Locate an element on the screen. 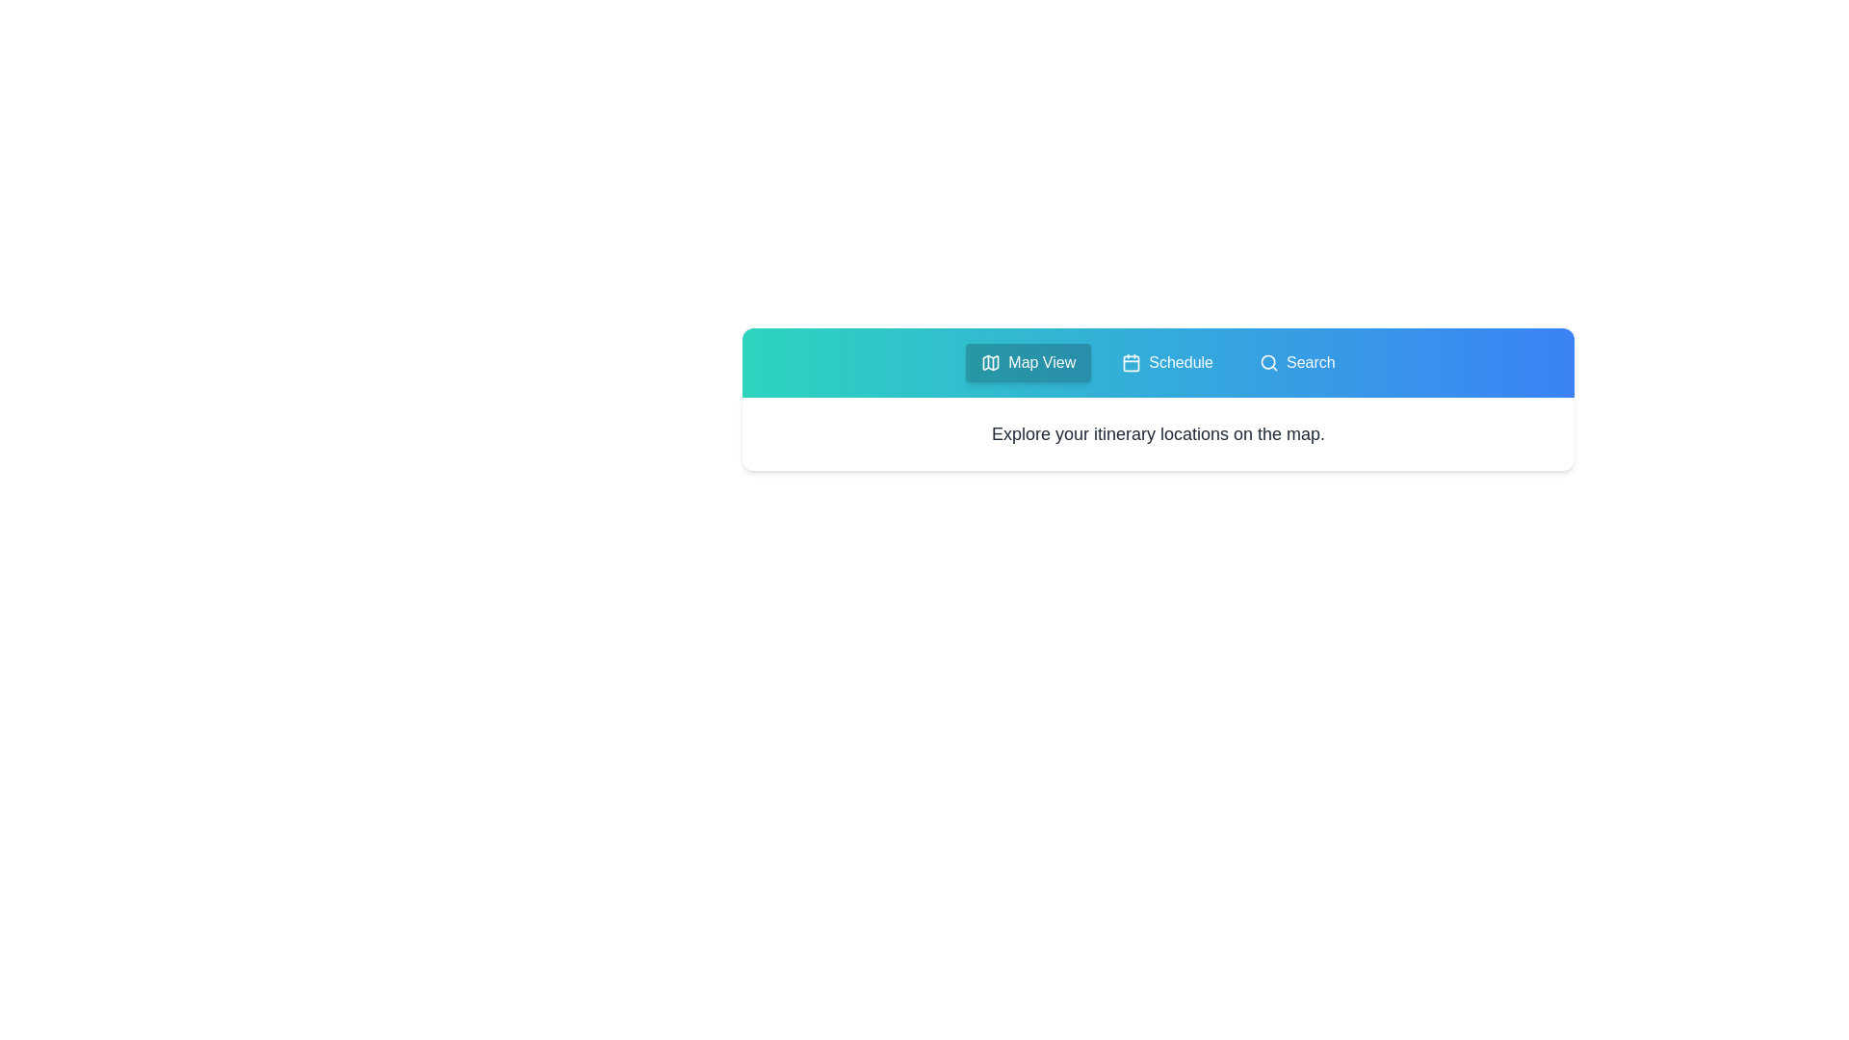 The image size is (1849, 1040). the inner part of the search icon, which represents the lens of the magnifying glass, located at the rightmost button in the upper menu bar is located at coordinates (1268, 362).